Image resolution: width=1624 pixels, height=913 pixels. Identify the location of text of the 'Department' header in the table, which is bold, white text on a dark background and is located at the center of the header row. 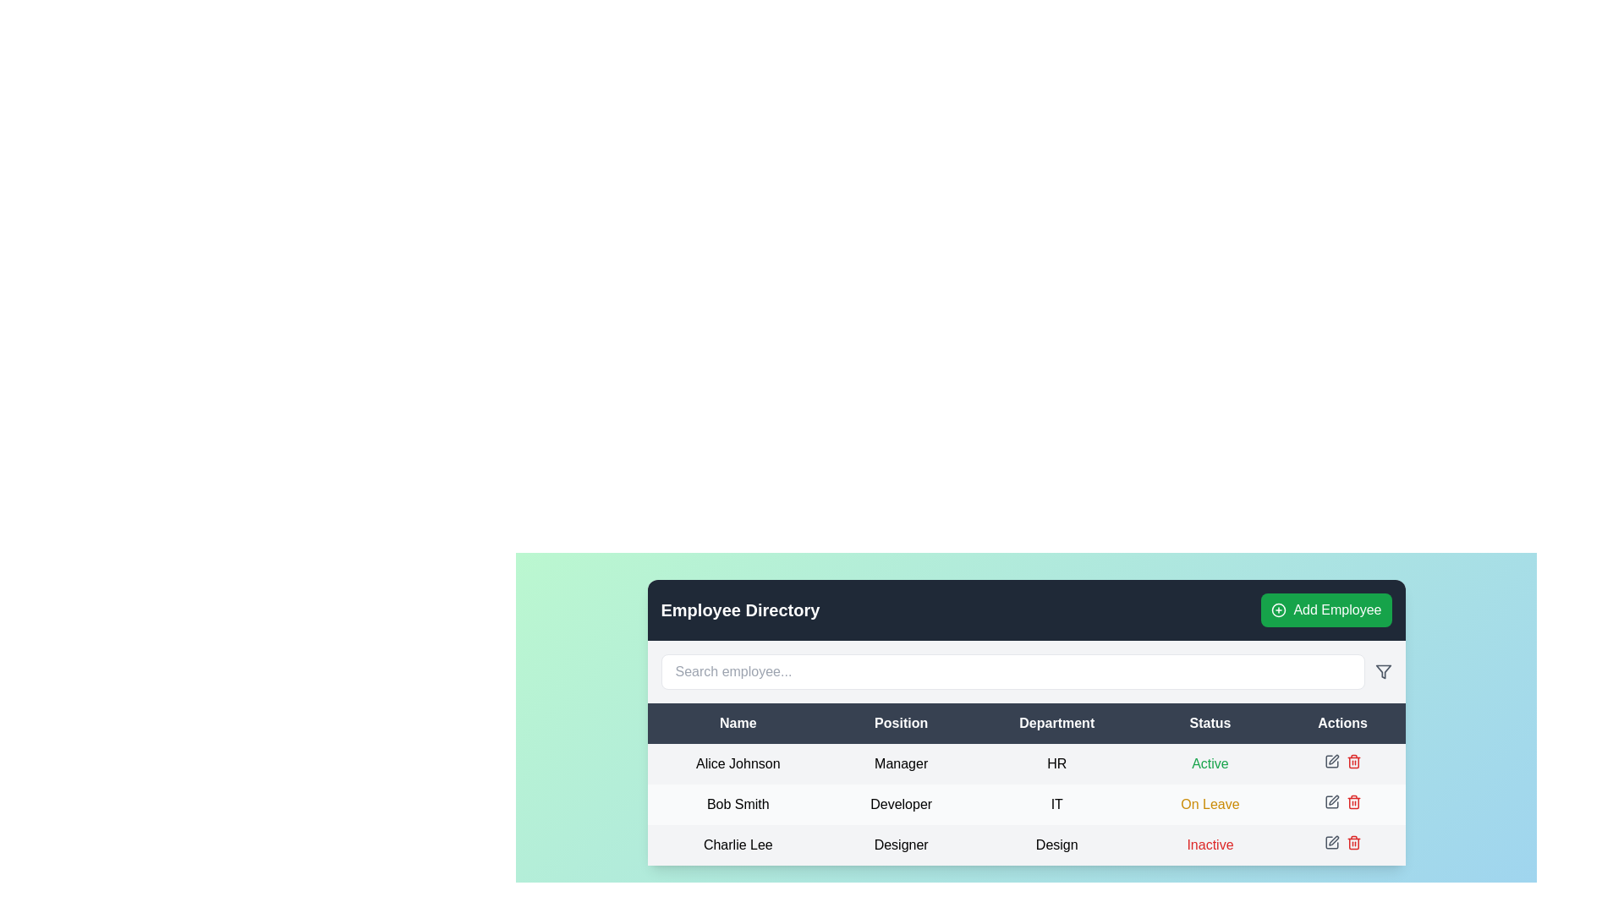
(1025, 723).